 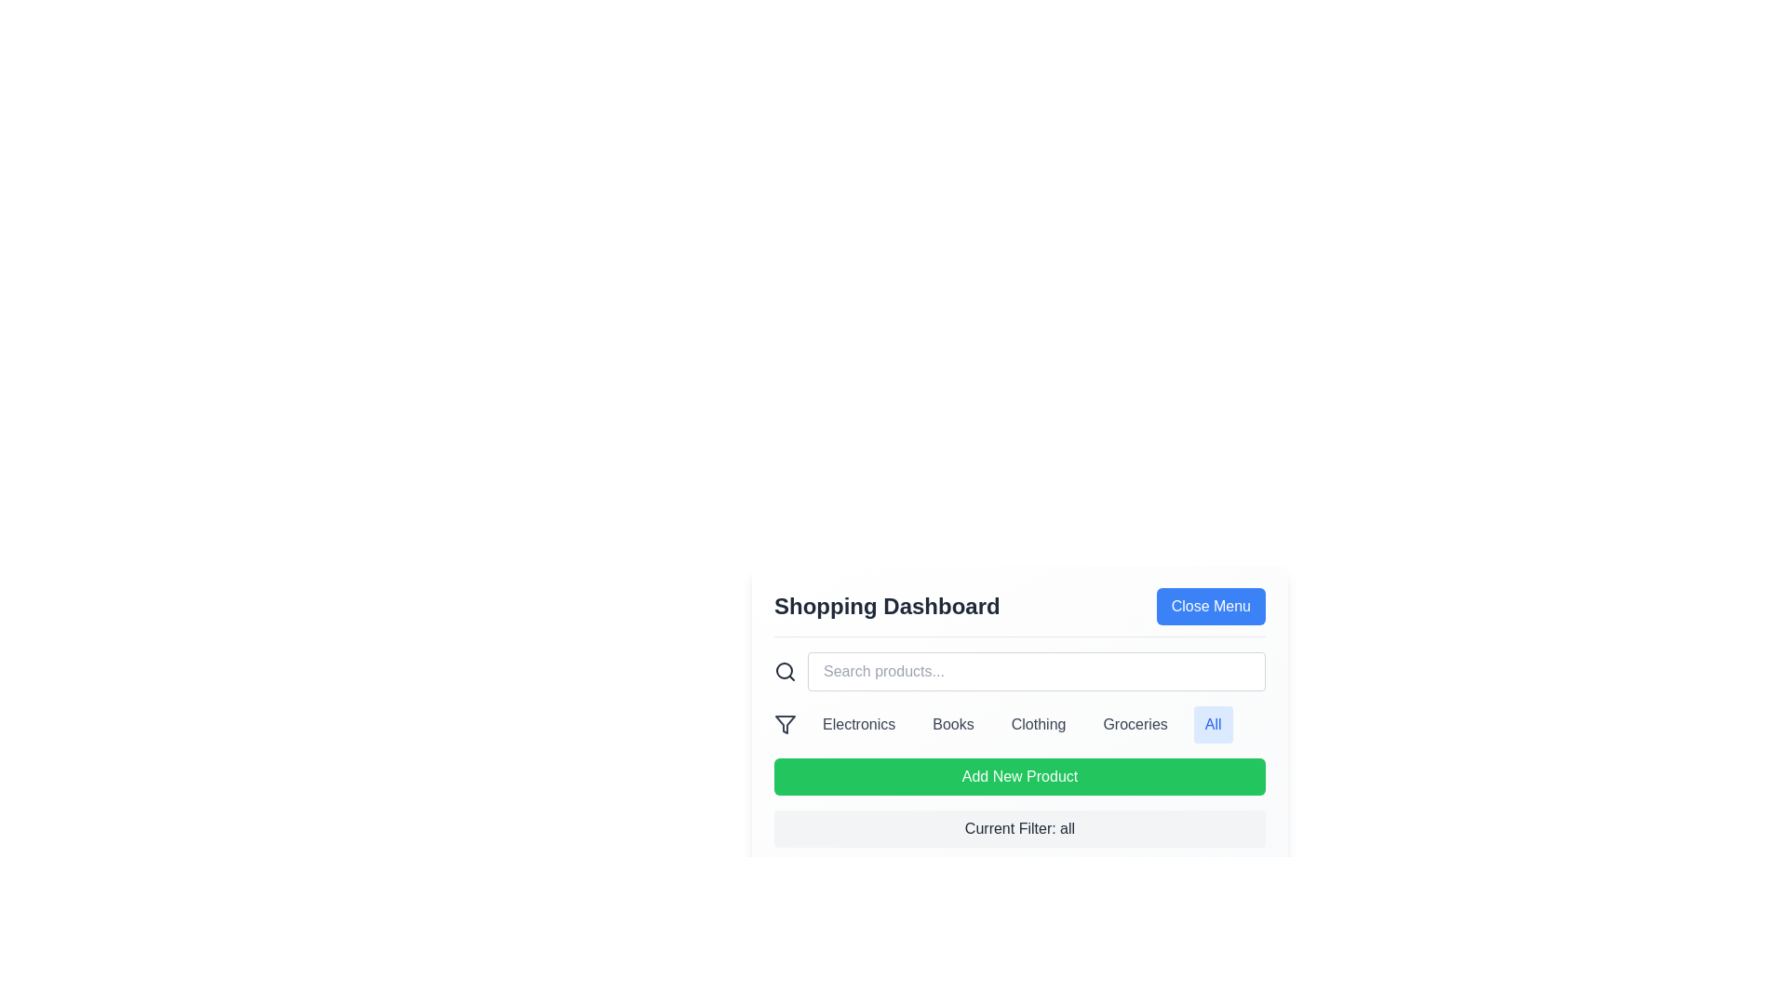 What do you see at coordinates (1038, 724) in the screenshot?
I see `the 'Clothing' button in the horizontal navigation menu to filter or navigate` at bounding box center [1038, 724].